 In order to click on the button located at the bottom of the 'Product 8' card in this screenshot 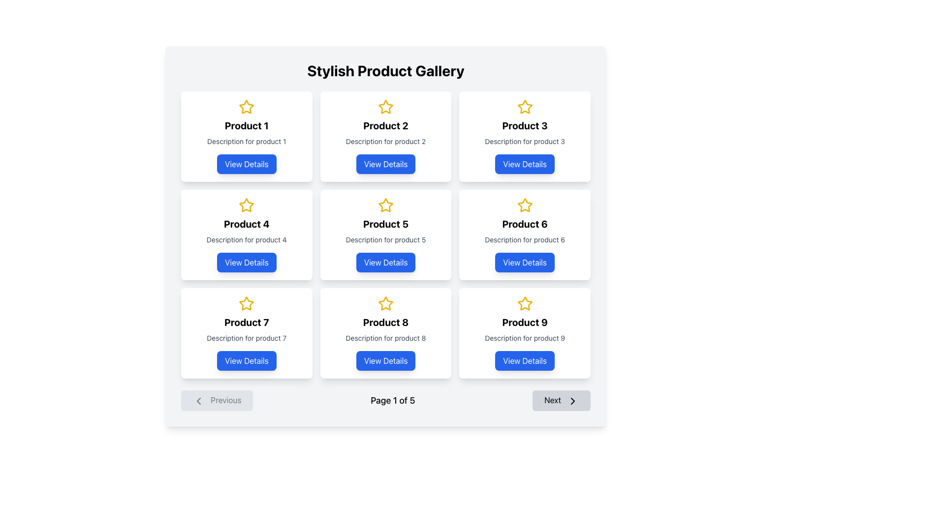, I will do `click(385, 360)`.